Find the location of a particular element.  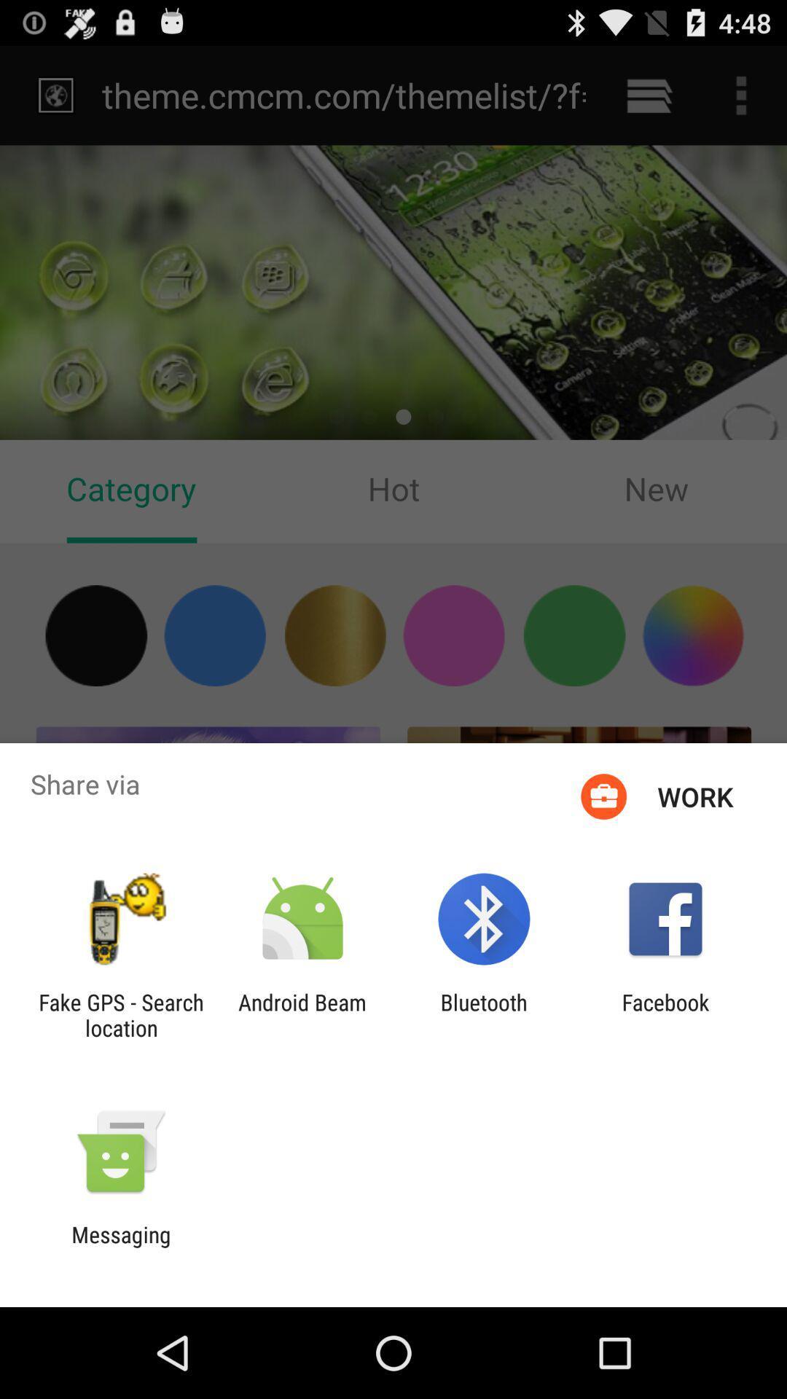

app next to the android beam app is located at coordinates (484, 1014).